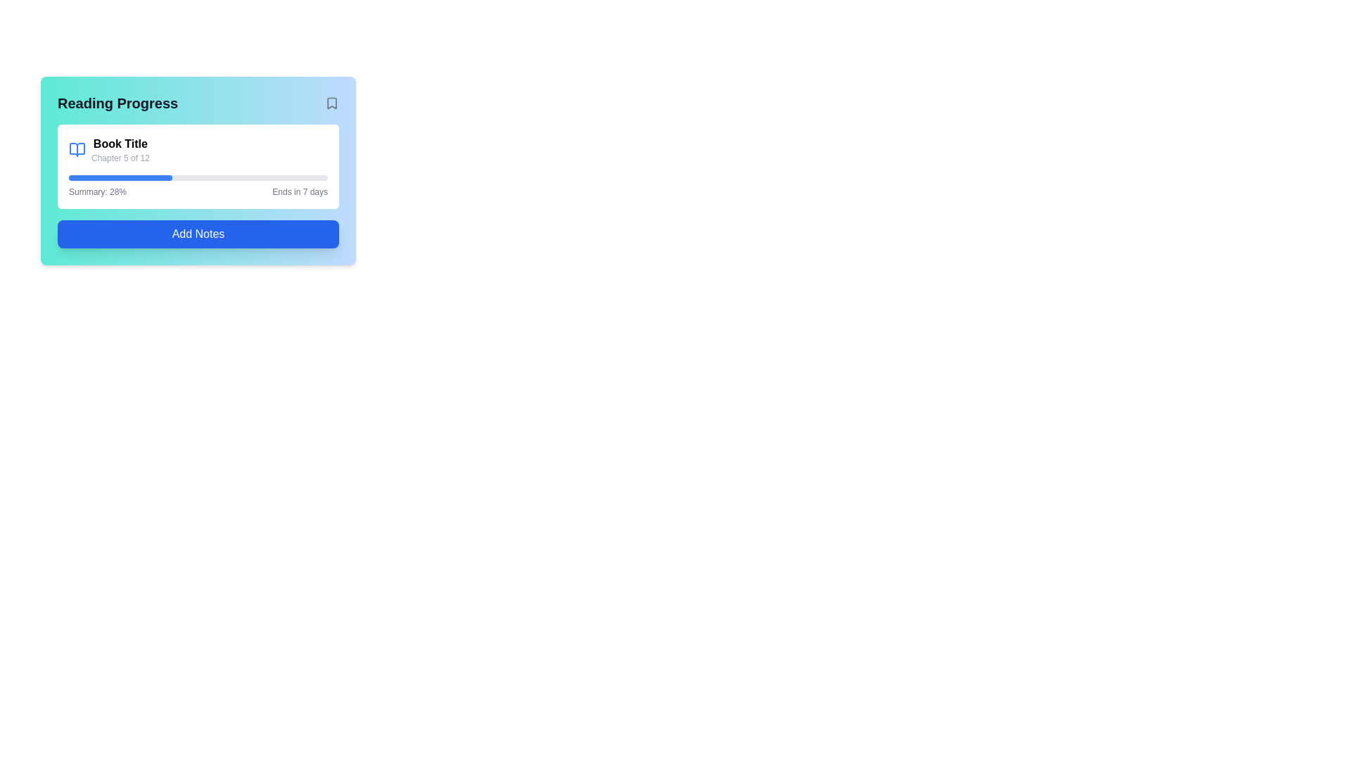 The height and width of the screenshot is (760, 1351). What do you see at coordinates (120, 177) in the screenshot?
I see `the width percentage of the Progress bar fill within the 'Reading Progress' card, which visually indicates task completion status` at bounding box center [120, 177].